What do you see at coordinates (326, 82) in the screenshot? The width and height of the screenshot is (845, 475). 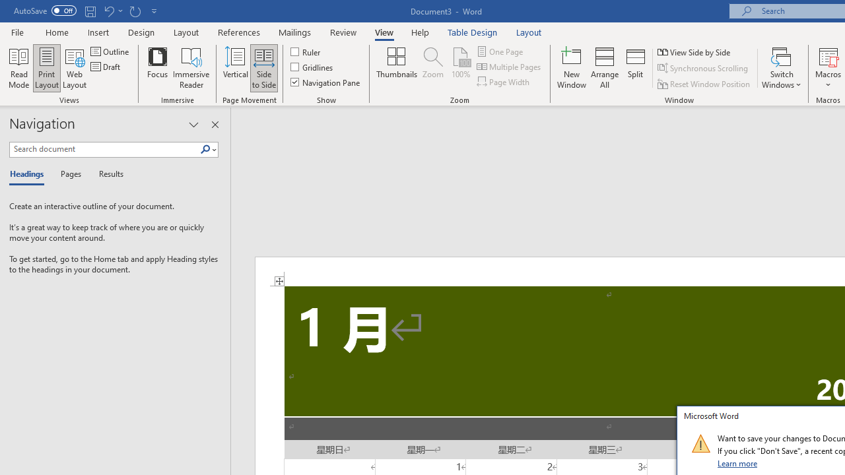 I see `'Navigation Pane'` at bounding box center [326, 82].